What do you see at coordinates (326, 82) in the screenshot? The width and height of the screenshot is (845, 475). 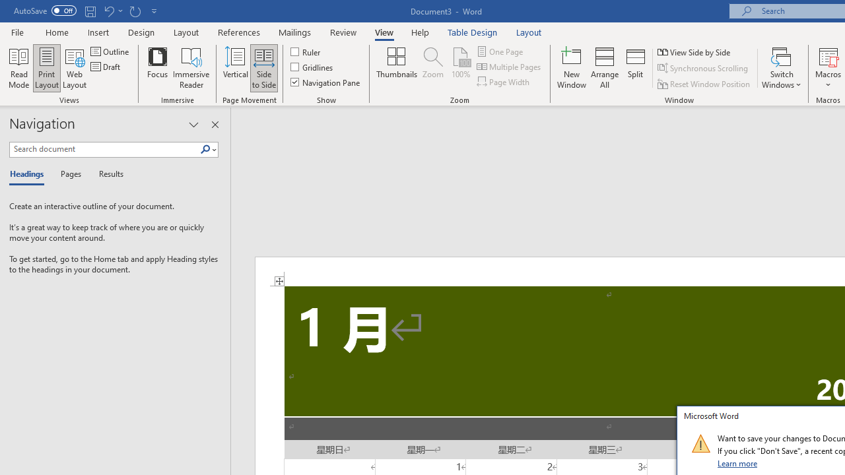 I see `'Navigation Pane'` at bounding box center [326, 82].